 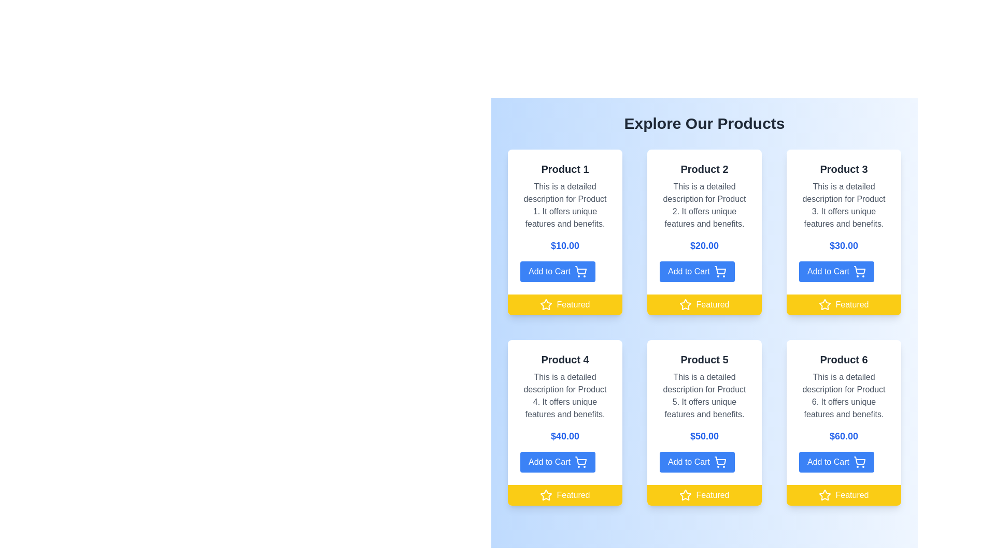 I want to click on text of the yellow label that says 'Featured', which is styled in white font and located beneath the product card for 'Product 2', so click(x=712, y=304).